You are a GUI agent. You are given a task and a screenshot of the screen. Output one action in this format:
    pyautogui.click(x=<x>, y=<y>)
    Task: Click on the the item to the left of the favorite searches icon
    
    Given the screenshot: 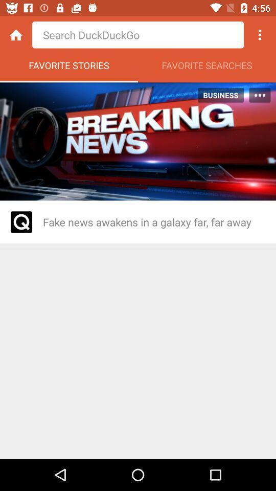 What is the action you would take?
    pyautogui.click(x=69, y=68)
    